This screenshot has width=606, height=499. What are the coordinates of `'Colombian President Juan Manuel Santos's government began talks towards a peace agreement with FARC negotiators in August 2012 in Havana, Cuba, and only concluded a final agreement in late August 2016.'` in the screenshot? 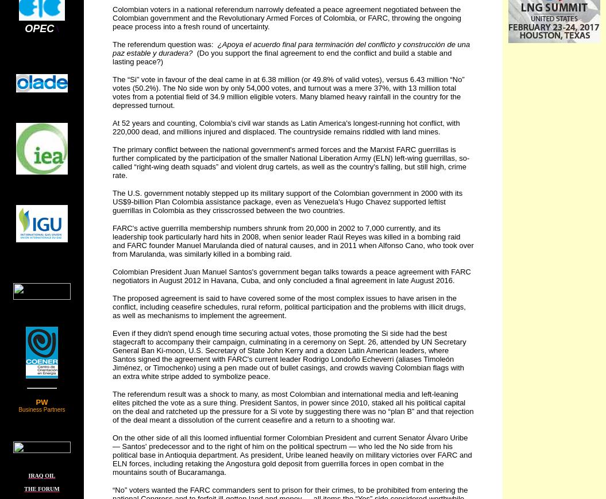 It's located at (291, 276).